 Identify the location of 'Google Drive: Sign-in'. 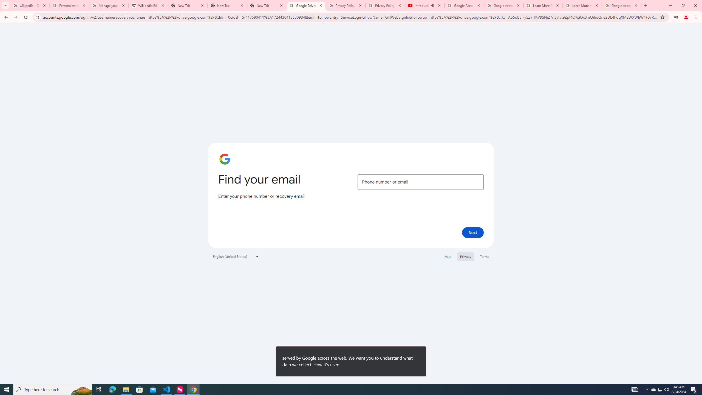
(306, 5).